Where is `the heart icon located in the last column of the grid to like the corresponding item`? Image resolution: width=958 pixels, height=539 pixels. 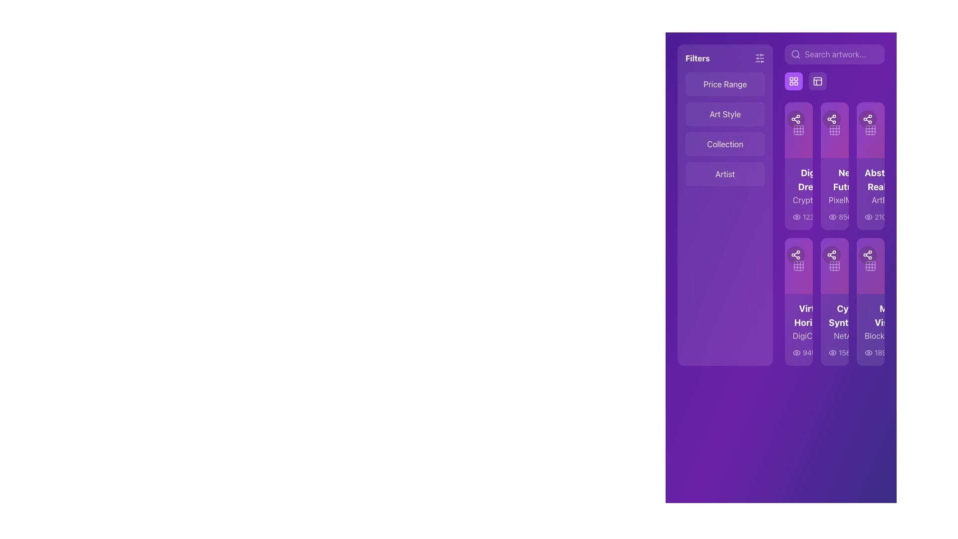
the heart icon located in the last column of the grid to like the corresponding item is located at coordinates (895, 352).